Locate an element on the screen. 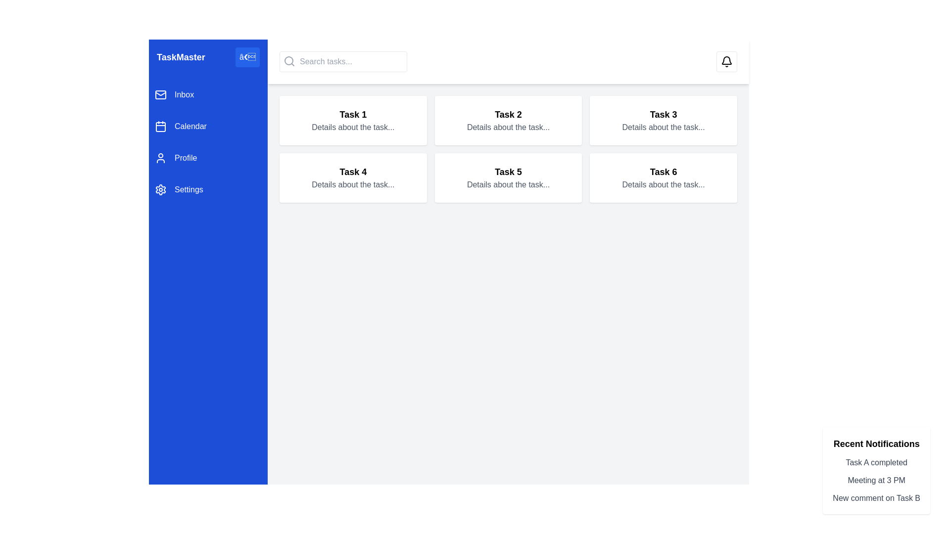  the text displaying 'Details about the task...' which is located below the title 'Task 6' in a card-like UI structure is located at coordinates (664, 185).